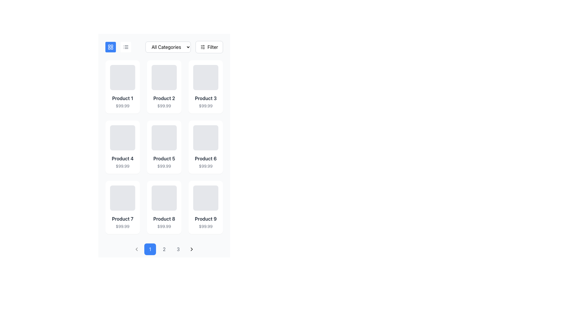  I want to click on the card element containing product details for 'Product 6' within the grid layout, so click(205, 147).